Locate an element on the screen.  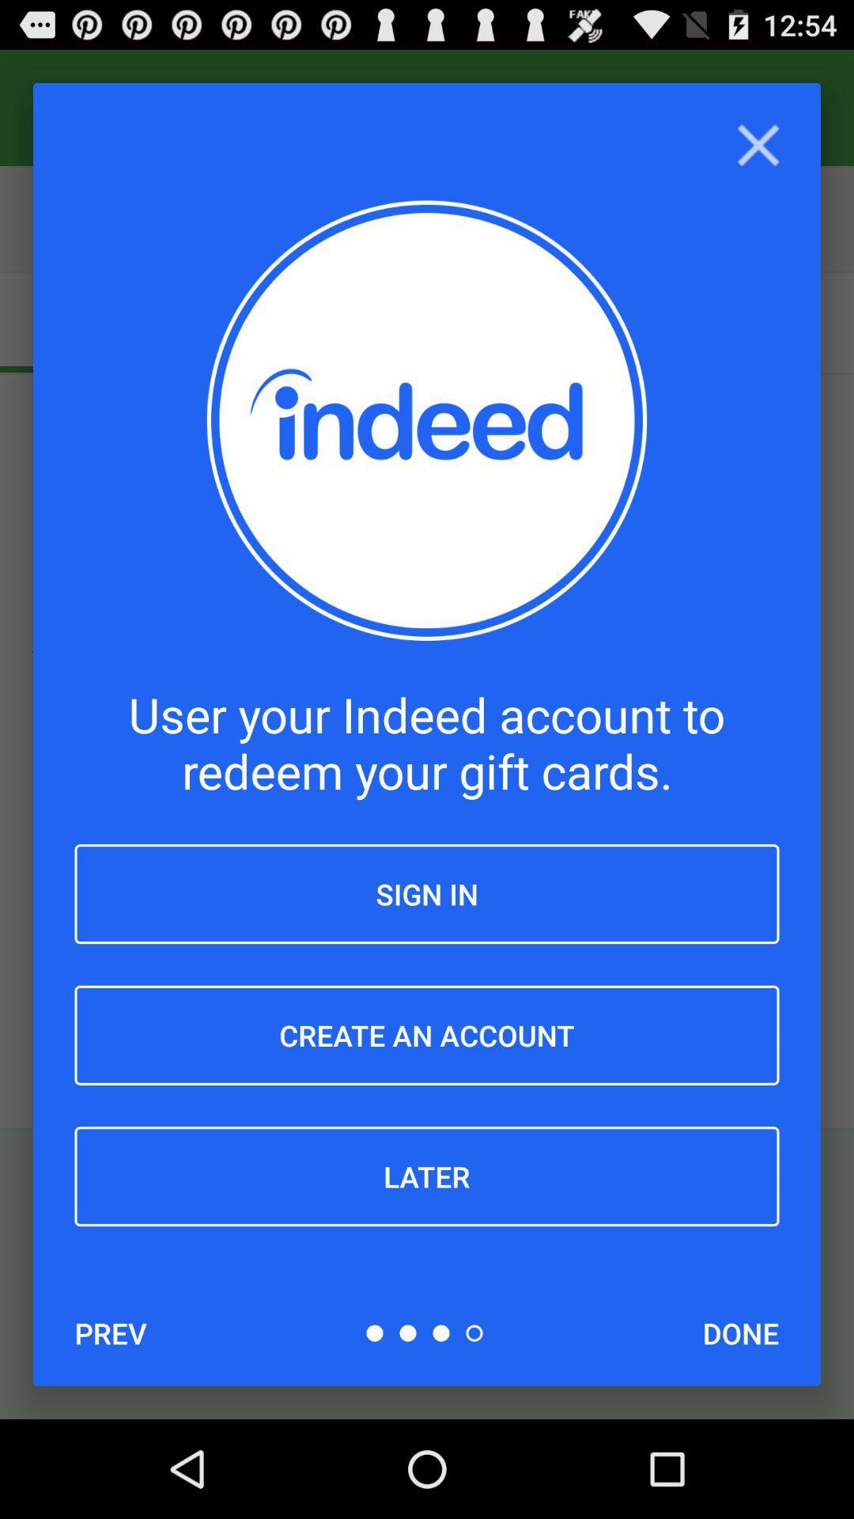
icon above the later icon is located at coordinates (427, 1035).